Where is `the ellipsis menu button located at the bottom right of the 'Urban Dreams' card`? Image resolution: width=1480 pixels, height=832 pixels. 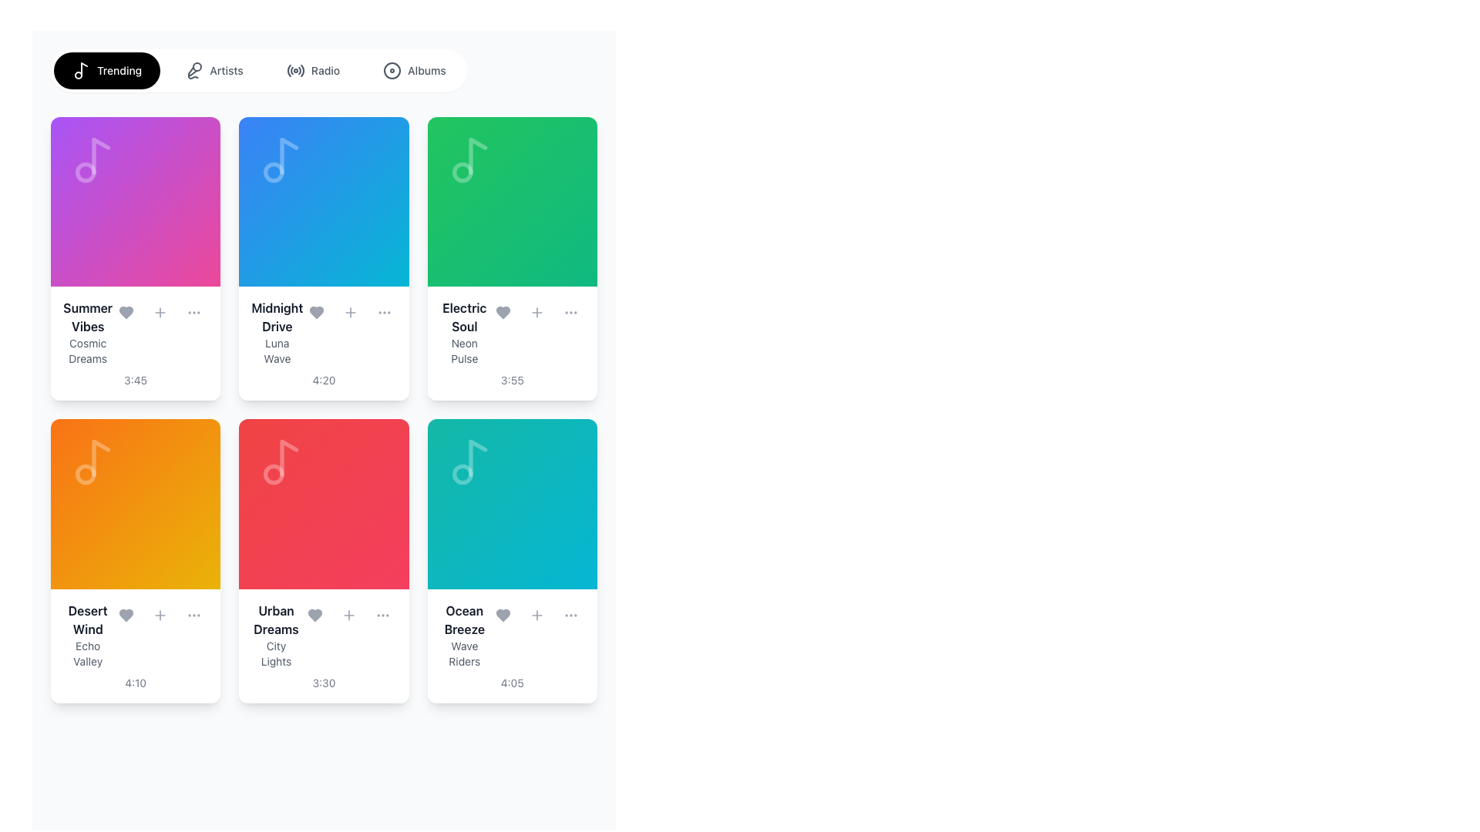
the ellipsis menu button located at the bottom right of the 'Urban Dreams' card is located at coordinates (382, 614).